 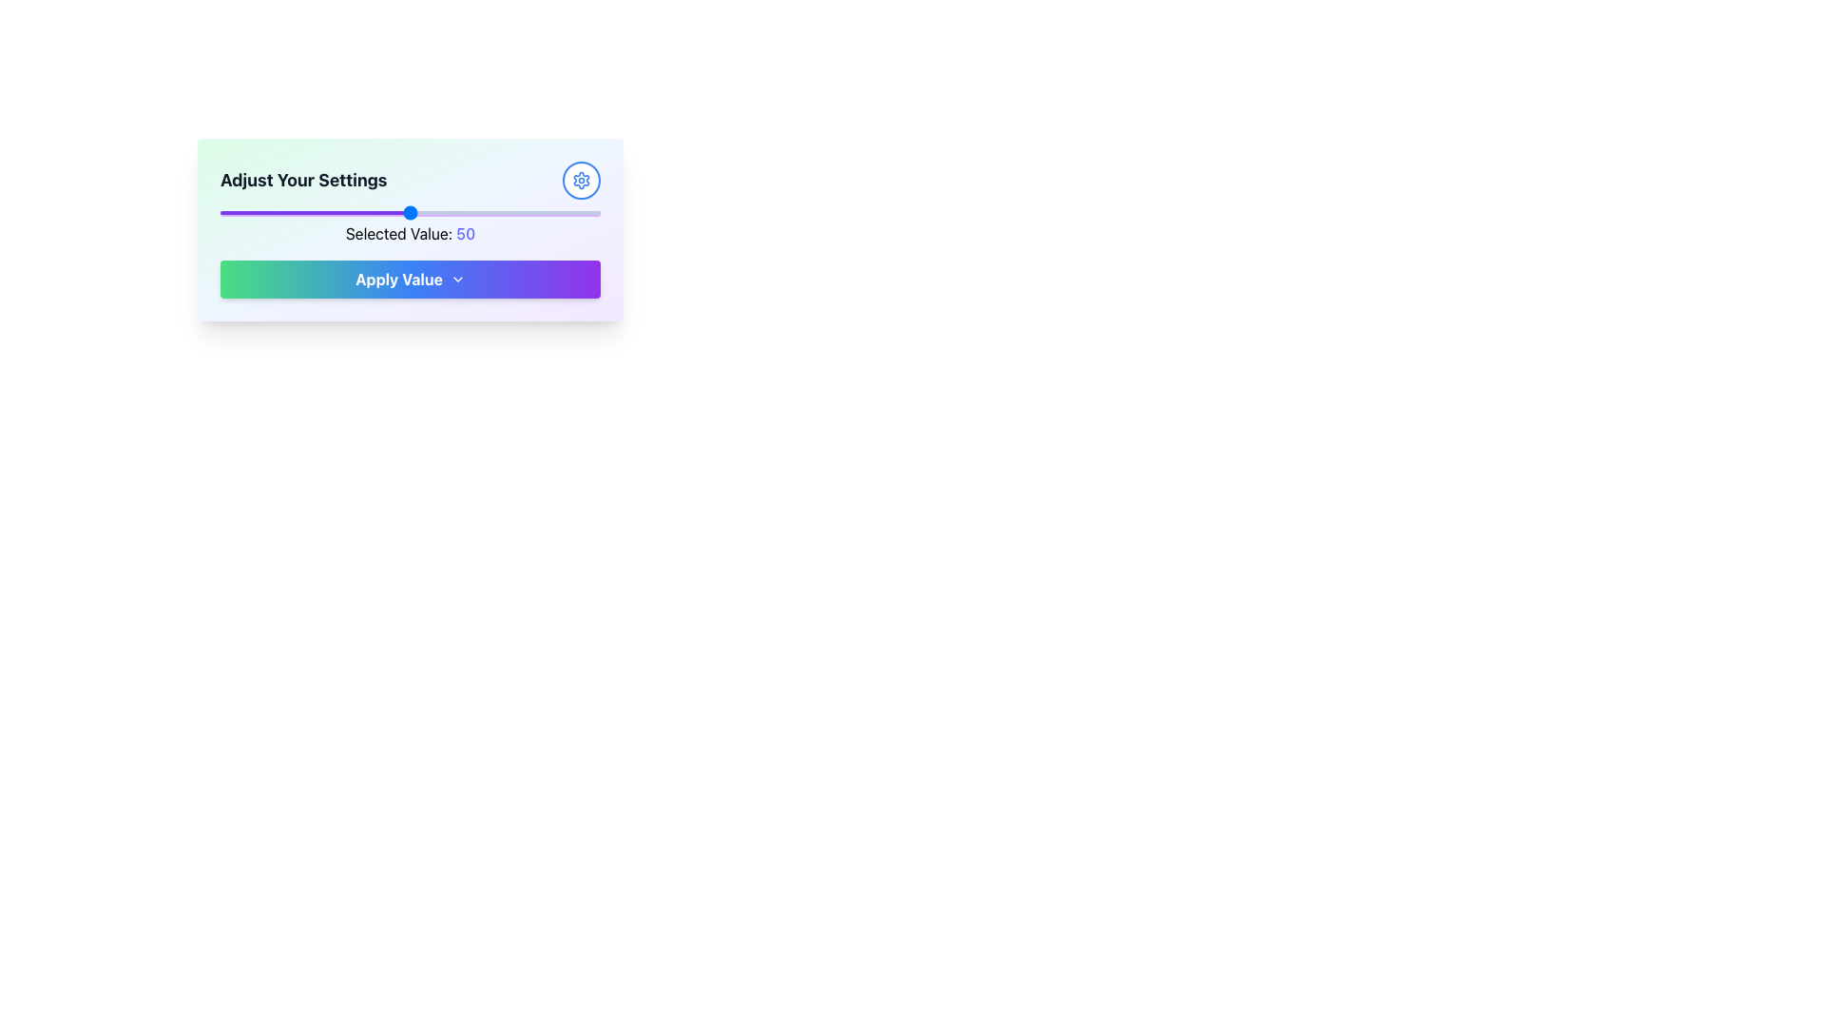 What do you see at coordinates (516, 212) in the screenshot?
I see `the slider` at bounding box center [516, 212].